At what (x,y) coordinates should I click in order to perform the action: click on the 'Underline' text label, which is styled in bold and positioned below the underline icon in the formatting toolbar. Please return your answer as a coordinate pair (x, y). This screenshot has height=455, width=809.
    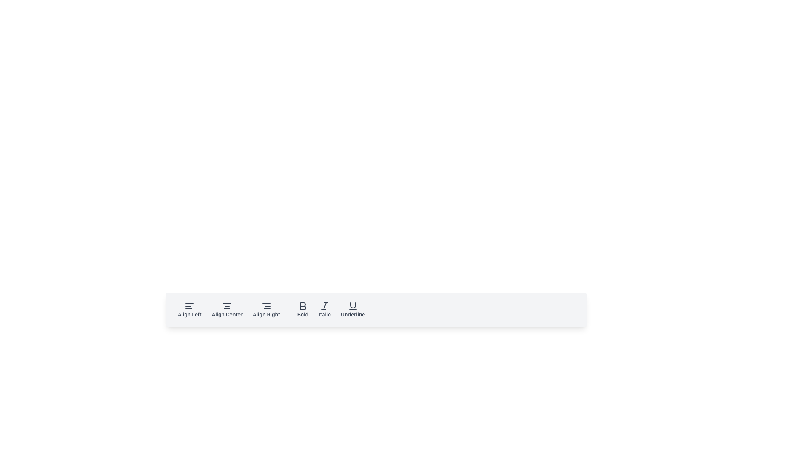
    Looking at the image, I should click on (353, 315).